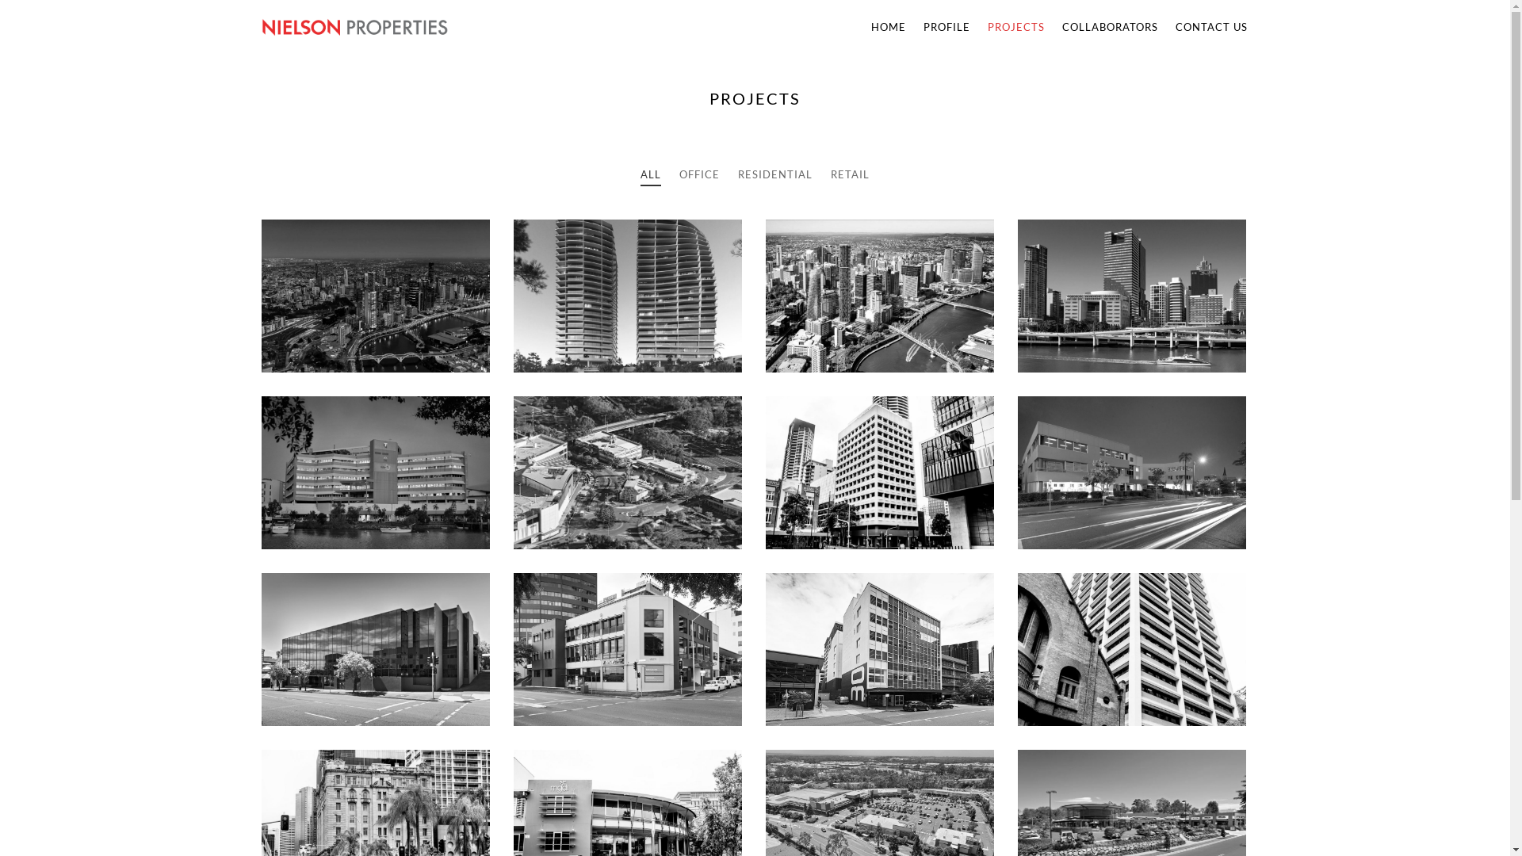  Describe the element at coordinates (1168, 27) in the screenshot. I see `'CONTACT US'` at that location.